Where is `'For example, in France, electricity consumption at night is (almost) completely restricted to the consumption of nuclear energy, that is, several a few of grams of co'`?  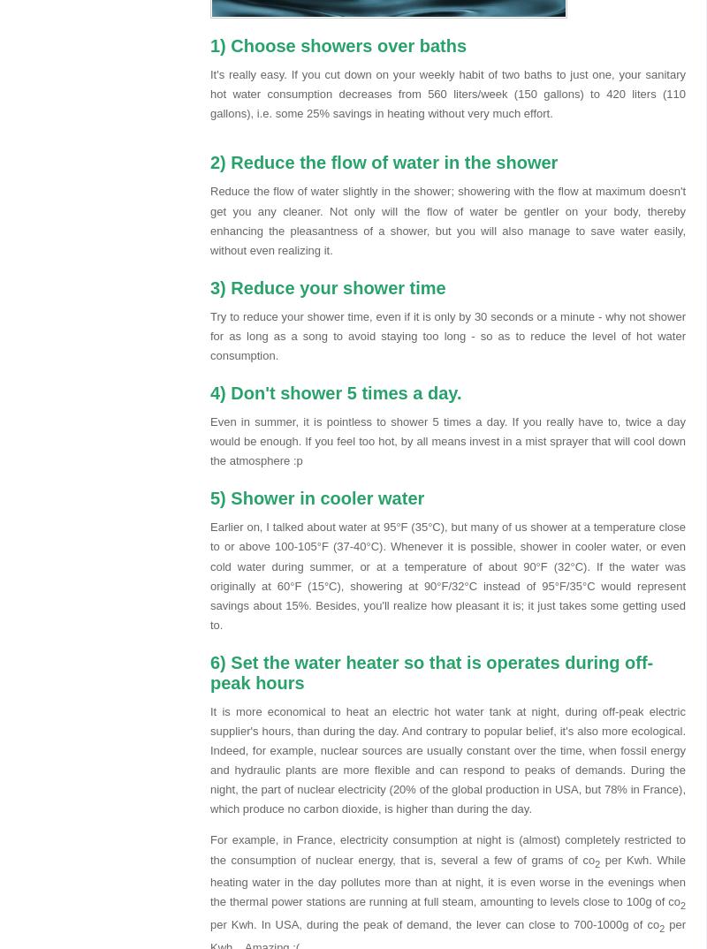
'For example, in France, electricity consumption at night is (almost) completely restricted to the consumption of nuclear energy, that is, several a few of grams of co' is located at coordinates (447, 849).